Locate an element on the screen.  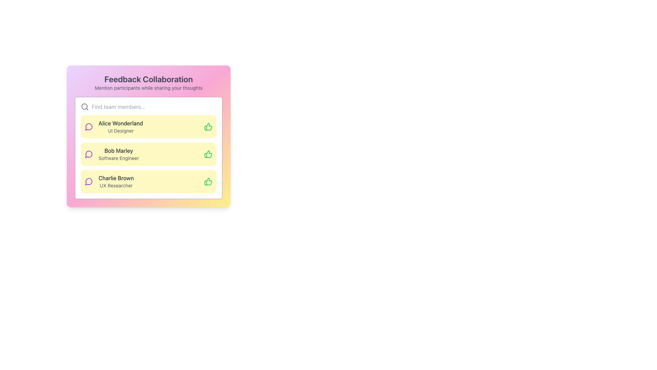
the search input field with the placeholder 'Find team members...' to focus on it is located at coordinates (148, 107).